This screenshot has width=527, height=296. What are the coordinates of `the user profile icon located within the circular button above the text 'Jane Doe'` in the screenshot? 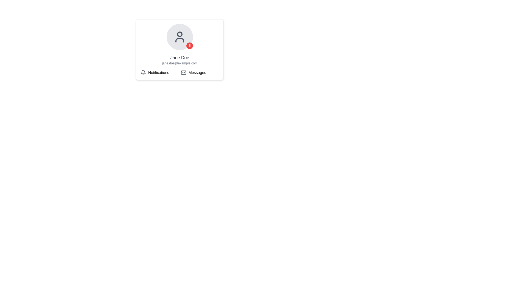 It's located at (180, 37).